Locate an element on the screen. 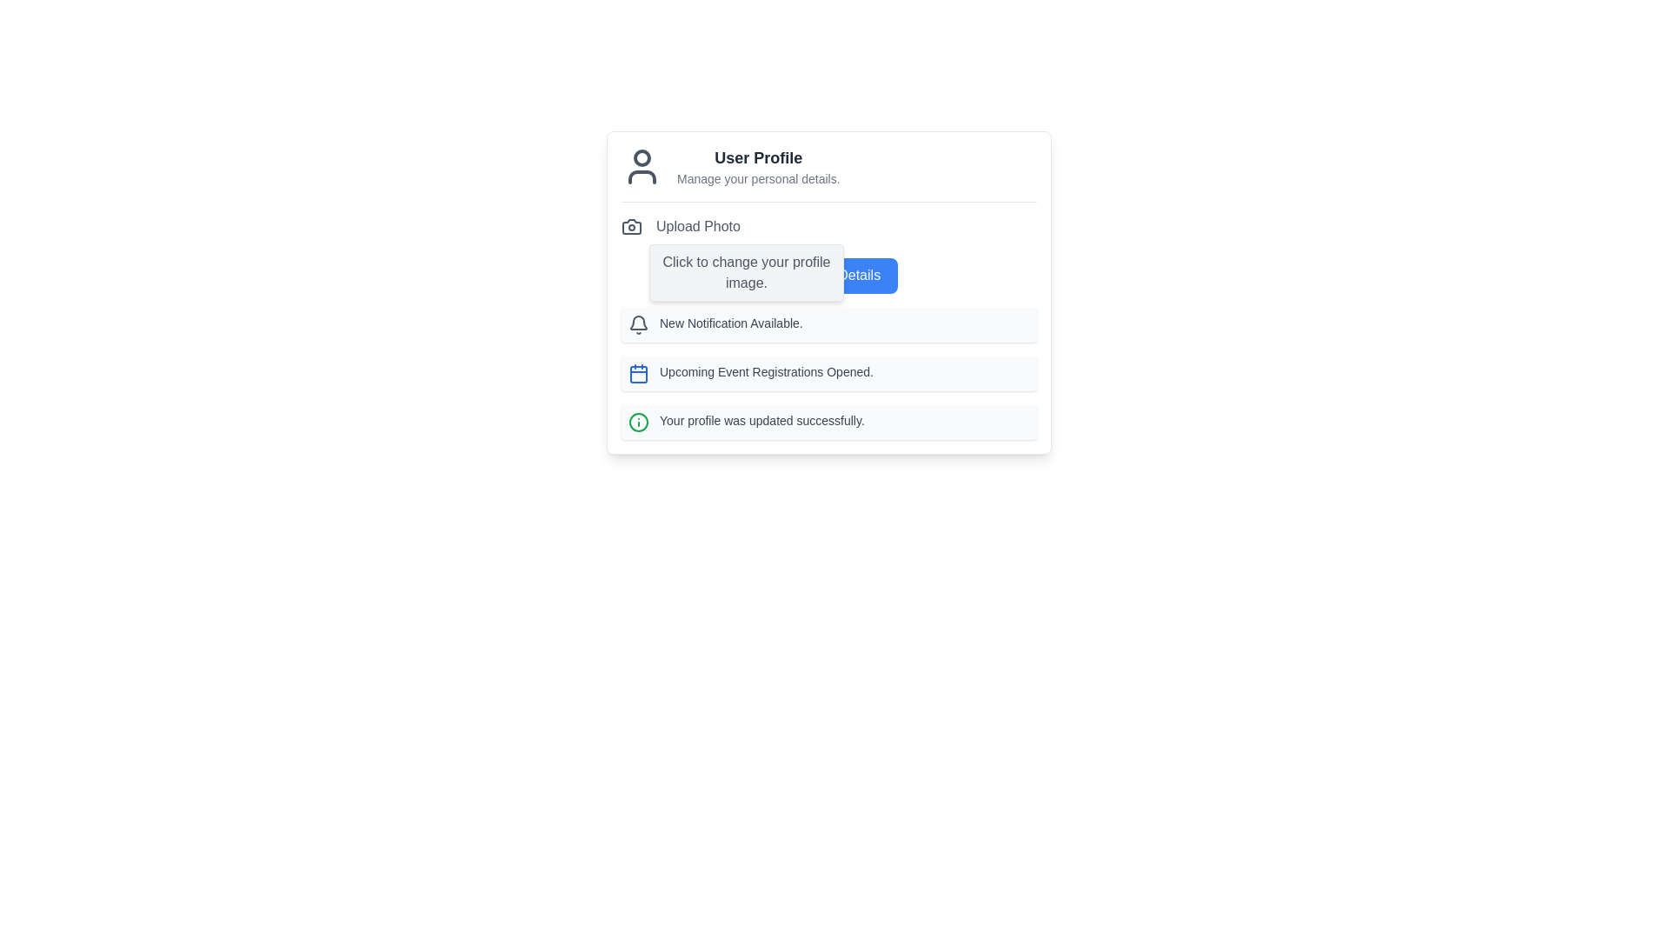 The height and width of the screenshot is (939, 1669). the Notification message block that indicates a successful profile update, positioned below 'Upcoming Event Registrations Opened' is located at coordinates (828, 422).